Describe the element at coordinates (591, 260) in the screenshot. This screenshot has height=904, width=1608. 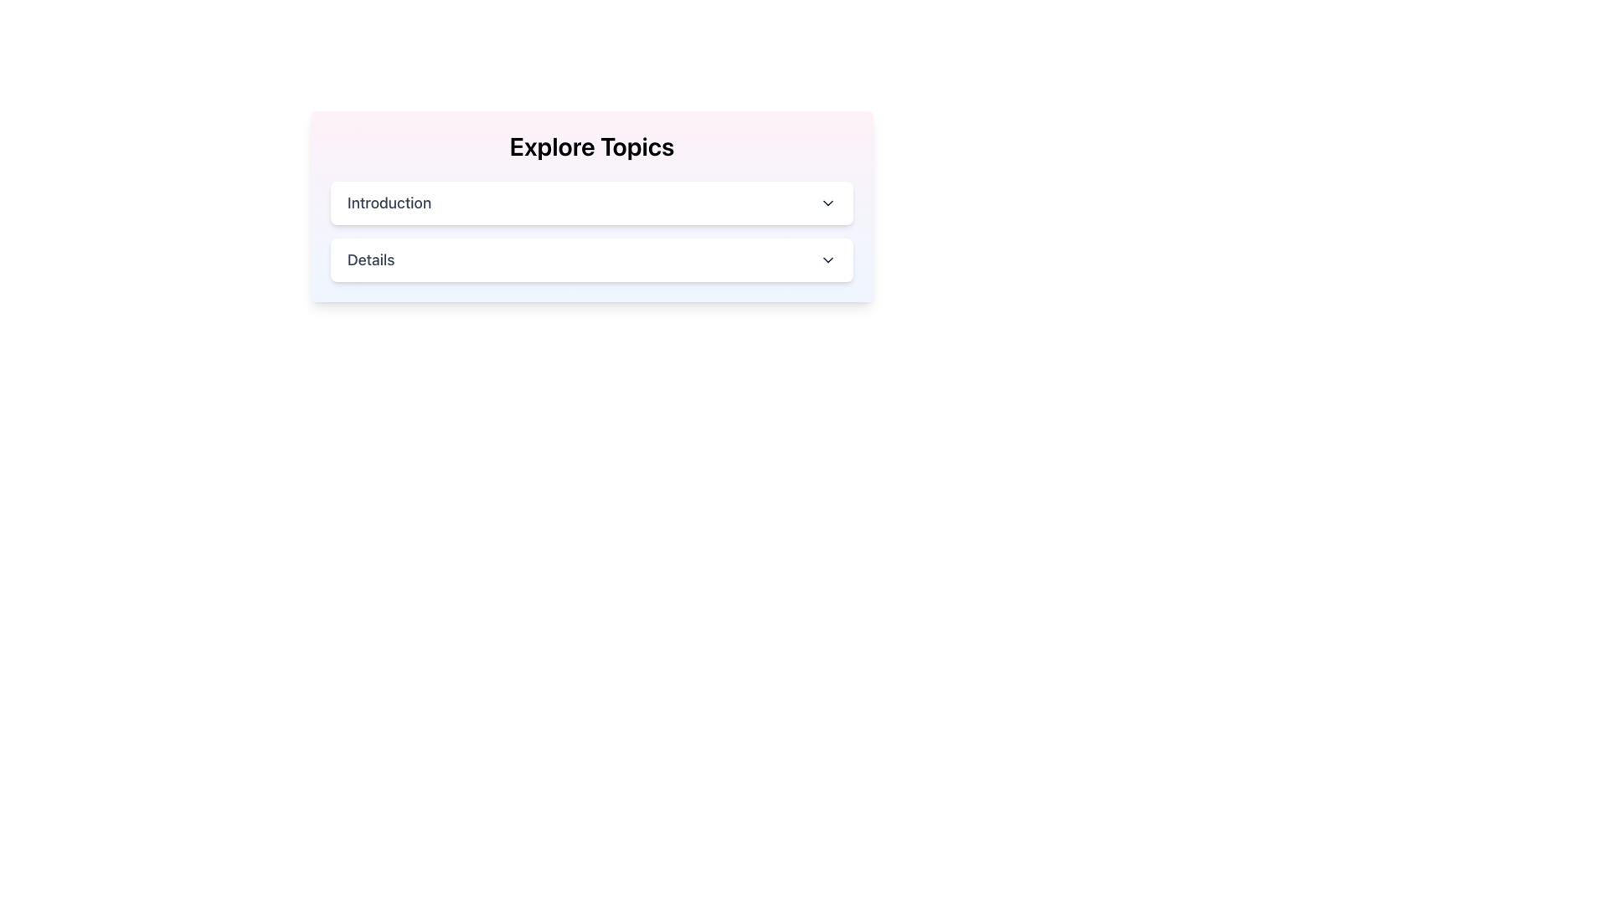
I see `the Dropdown toggle section located beneath the 'Introduction' section in the 'Explore Topics' vertical layout` at that location.